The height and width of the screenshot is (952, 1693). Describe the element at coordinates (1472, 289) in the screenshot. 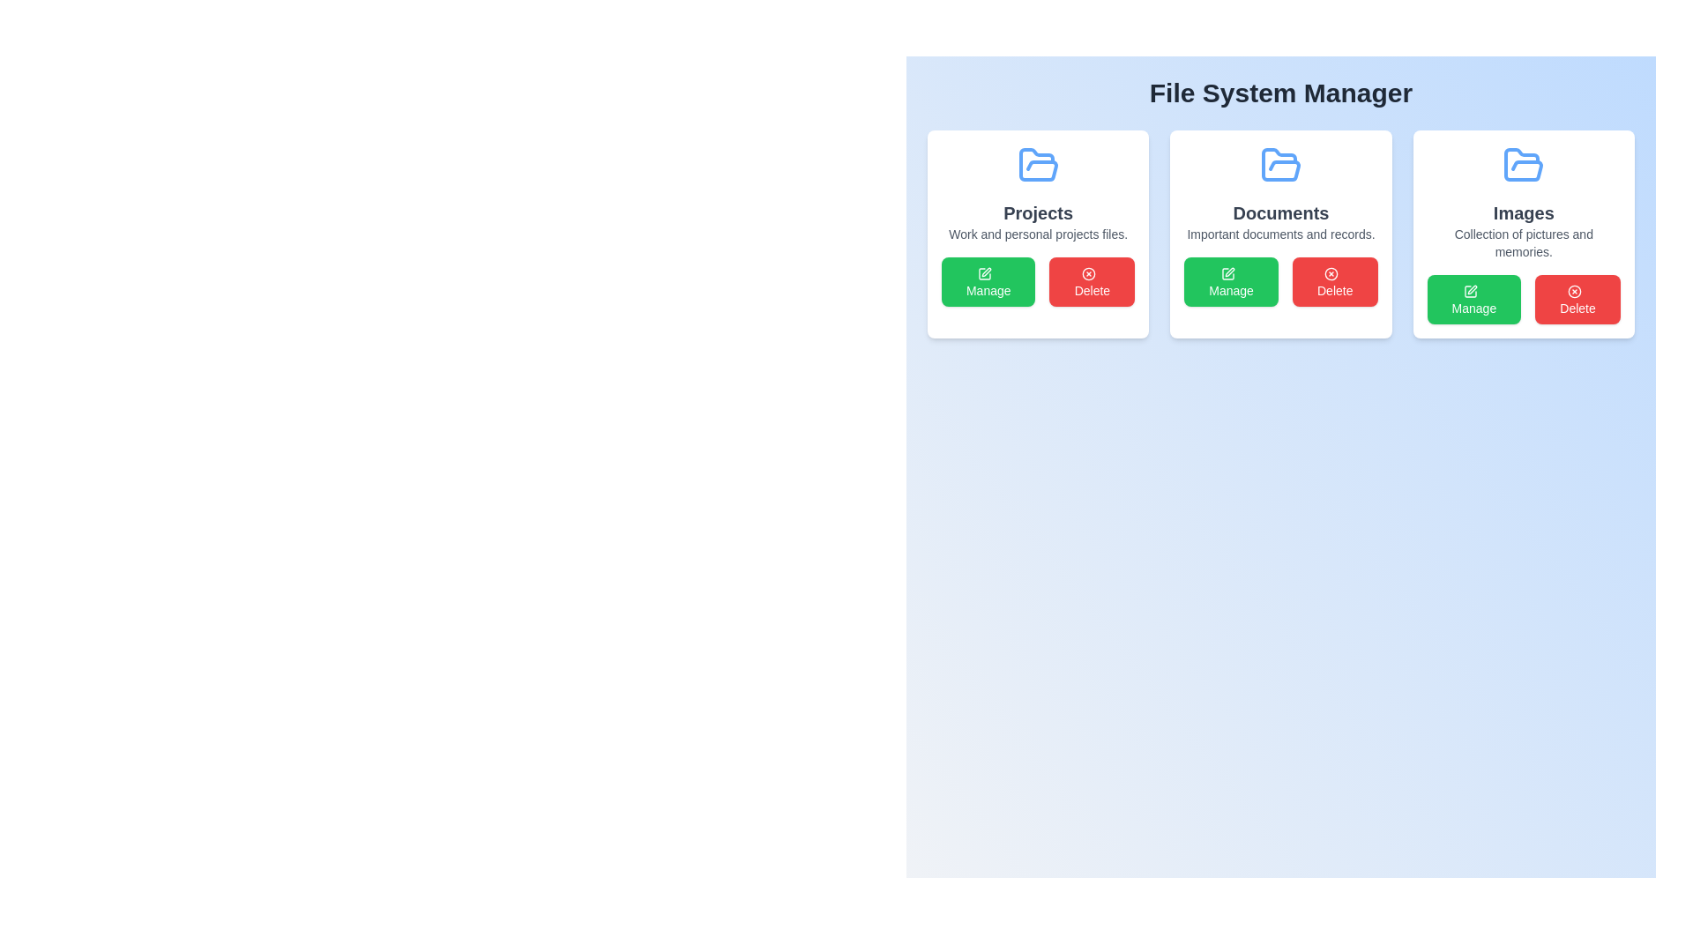

I see `the pen or pencil icon located within the green 'Manage' button in the 'Images' card, positioned to the left of the button text` at that location.